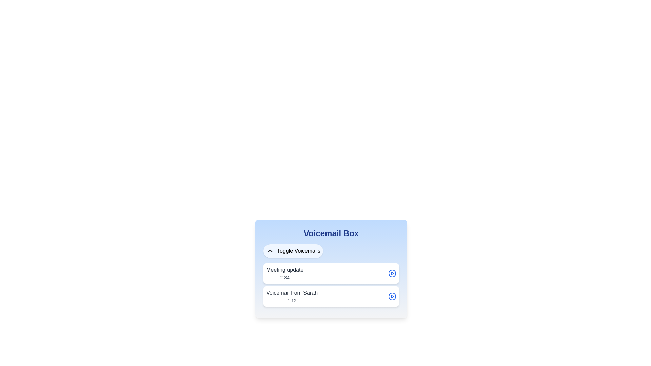  Describe the element at coordinates (270, 251) in the screenshot. I see `the chevron-up icon` at that location.